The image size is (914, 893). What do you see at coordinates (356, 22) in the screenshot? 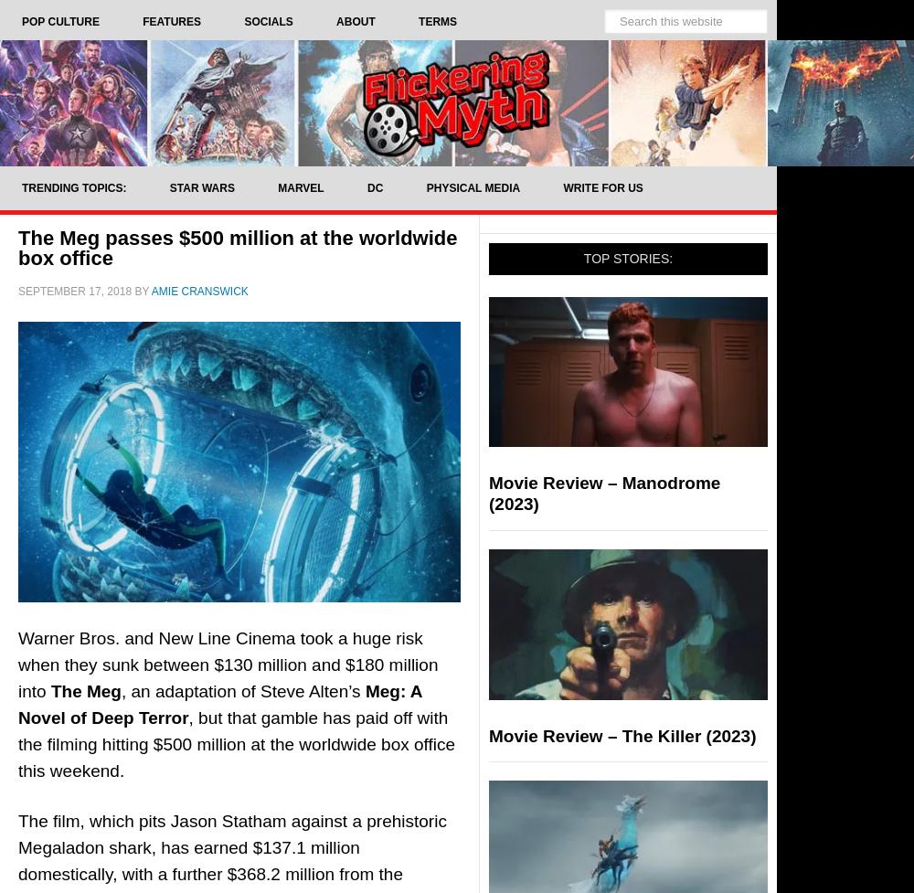
I see `'About'` at bounding box center [356, 22].